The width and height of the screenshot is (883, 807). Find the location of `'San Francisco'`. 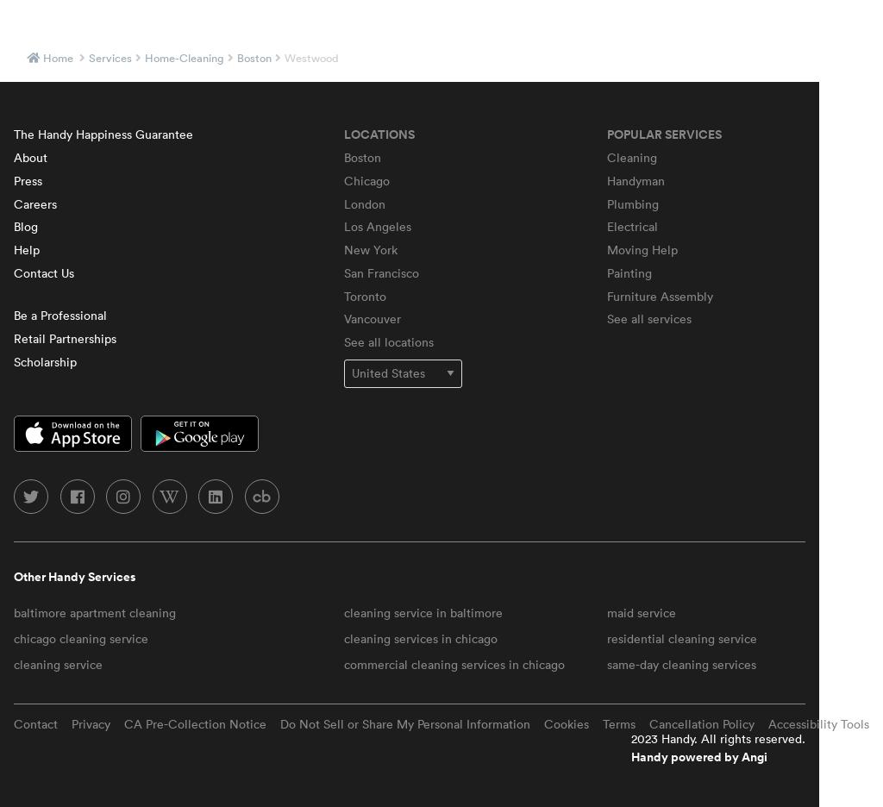

'San Francisco' is located at coordinates (380, 271).